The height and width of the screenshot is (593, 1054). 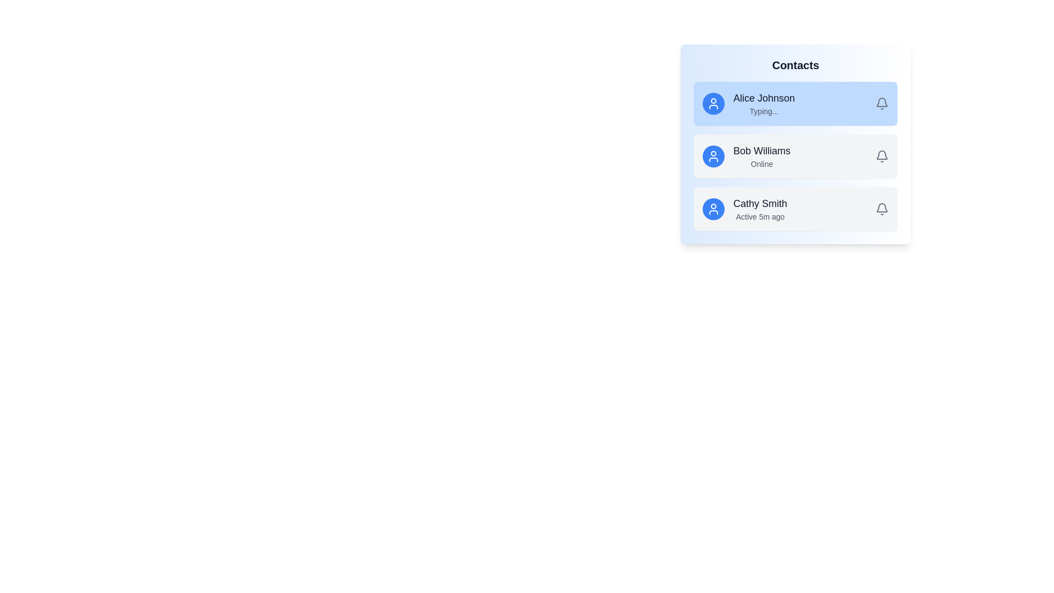 I want to click on the profile picture icon for the contact 'Cathy Smith' located in the third card of the vertical list, so click(x=714, y=209).